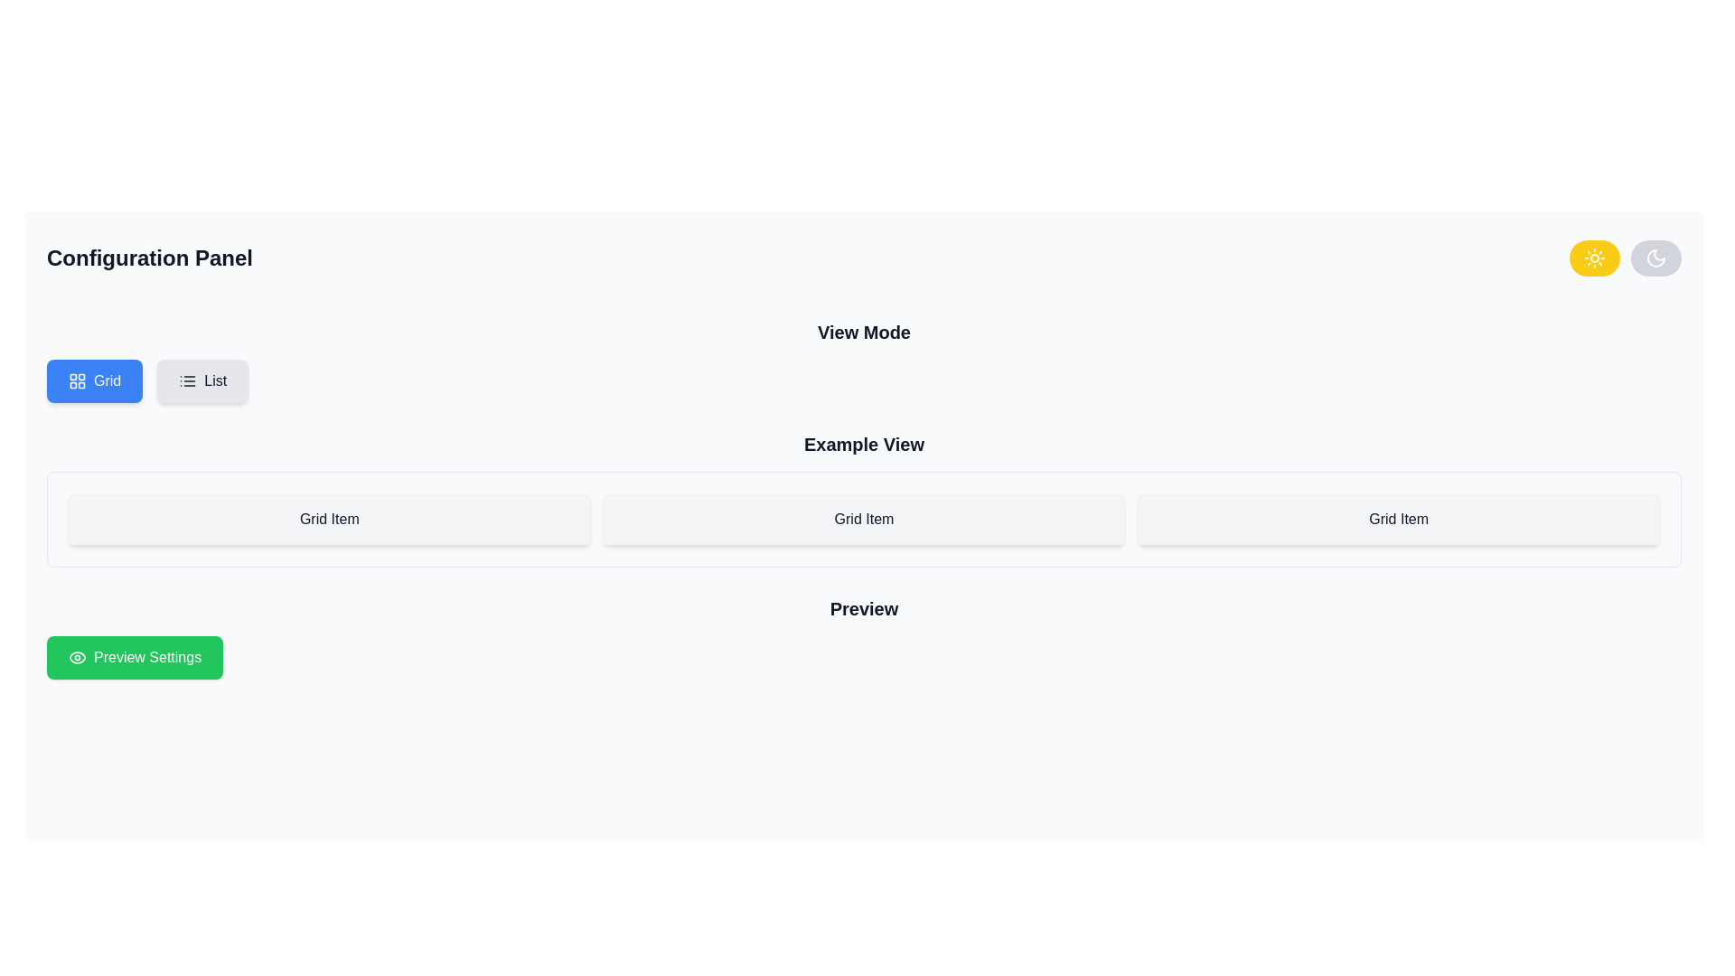 The height and width of the screenshot is (976, 1735). Describe the element at coordinates (94, 380) in the screenshot. I see `the 'Grid' button located in the top-left section of the interface within the 'View Mode' area` at that location.